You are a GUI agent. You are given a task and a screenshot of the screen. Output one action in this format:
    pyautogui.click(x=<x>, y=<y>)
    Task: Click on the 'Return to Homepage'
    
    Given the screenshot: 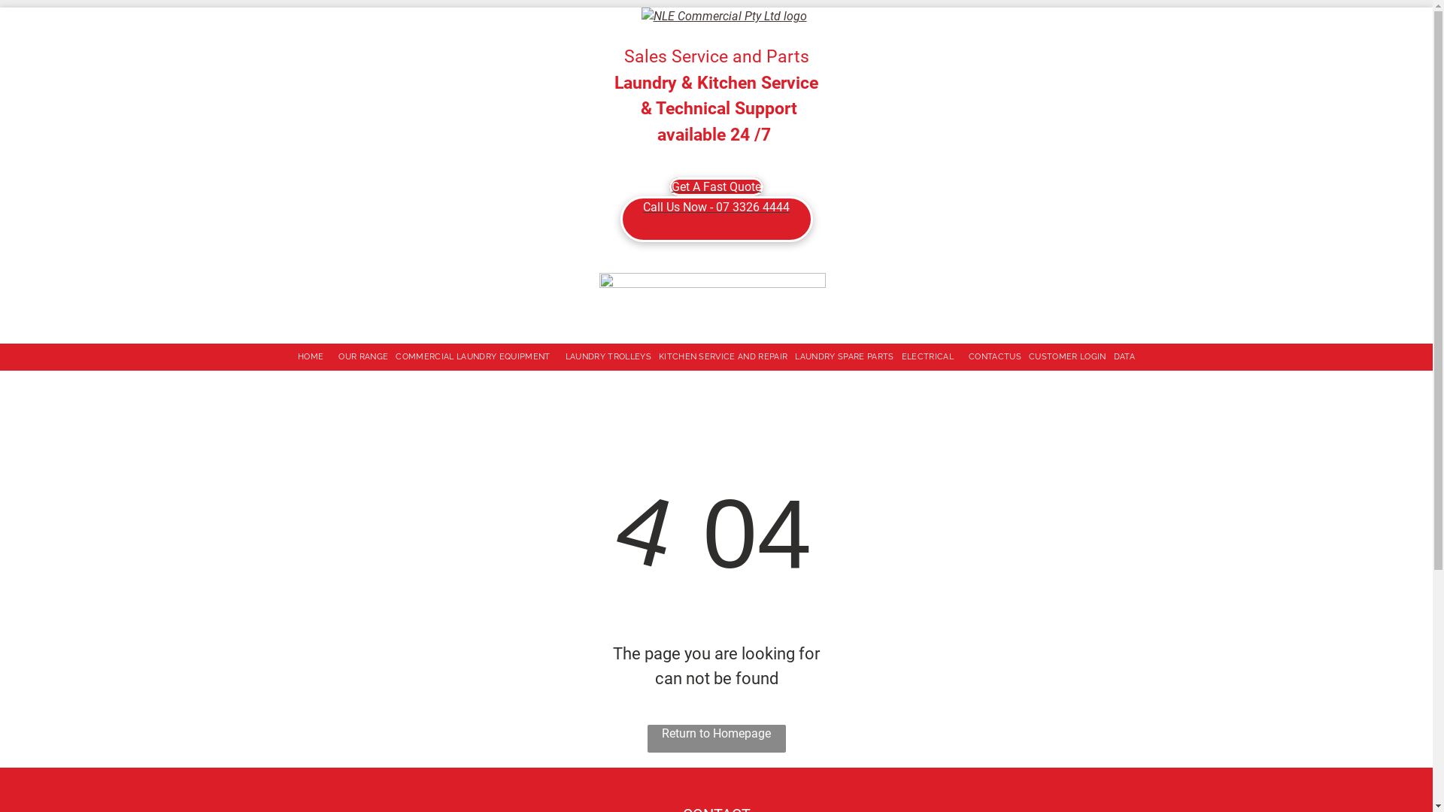 What is the action you would take?
    pyautogui.click(x=646, y=738)
    